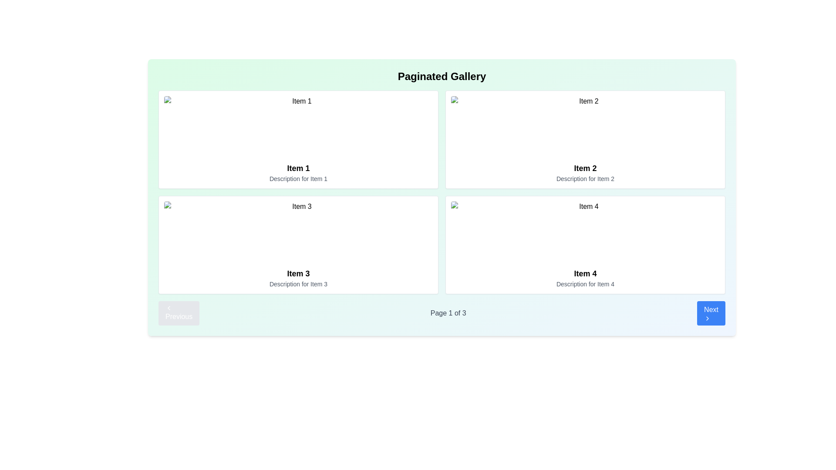  What do you see at coordinates (298, 284) in the screenshot?
I see `the Text label that provides supplementary information for 'Item 3', located at the bottom of the card in the bottom-left grid of a 2x2 layout` at bounding box center [298, 284].